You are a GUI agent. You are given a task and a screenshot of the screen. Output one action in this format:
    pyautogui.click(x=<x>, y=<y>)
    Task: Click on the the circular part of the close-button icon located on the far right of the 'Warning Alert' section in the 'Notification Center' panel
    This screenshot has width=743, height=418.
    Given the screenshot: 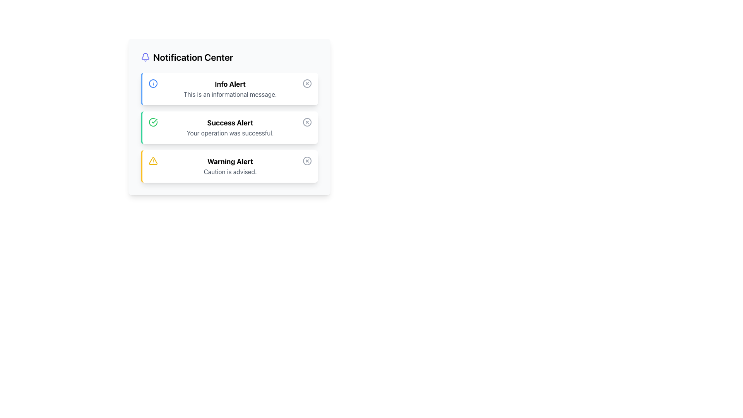 What is the action you would take?
    pyautogui.click(x=306, y=161)
    